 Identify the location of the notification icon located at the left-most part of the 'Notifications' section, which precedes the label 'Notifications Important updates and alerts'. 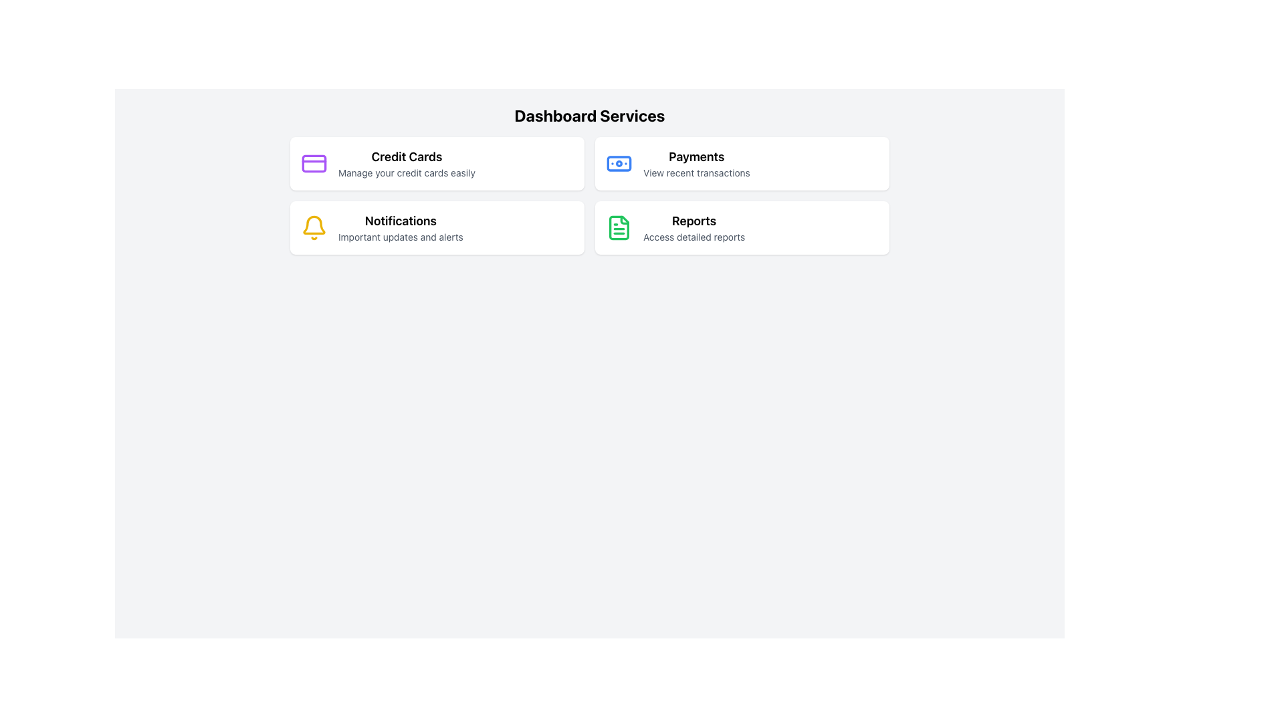
(314, 227).